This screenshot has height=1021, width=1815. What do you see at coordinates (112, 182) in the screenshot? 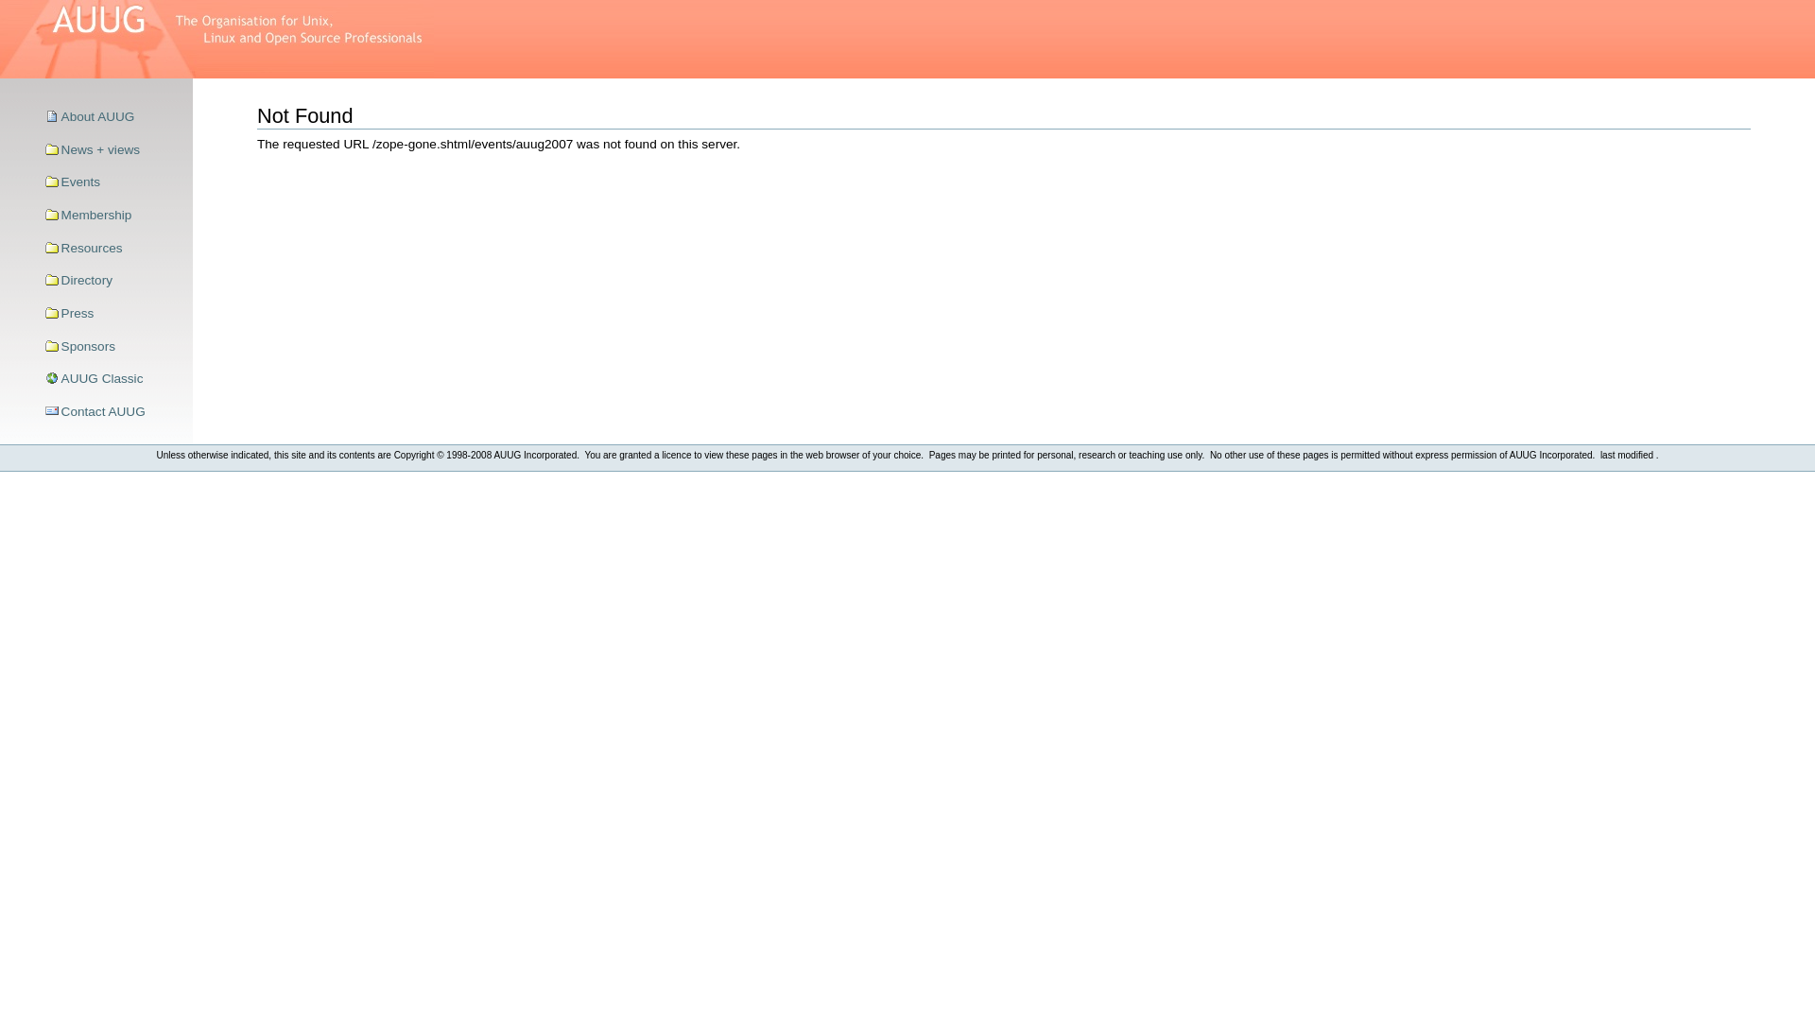
I see `'Events'` at bounding box center [112, 182].